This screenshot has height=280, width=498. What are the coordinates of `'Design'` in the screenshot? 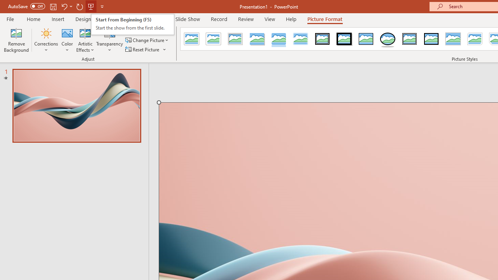 It's located at (83, 19).